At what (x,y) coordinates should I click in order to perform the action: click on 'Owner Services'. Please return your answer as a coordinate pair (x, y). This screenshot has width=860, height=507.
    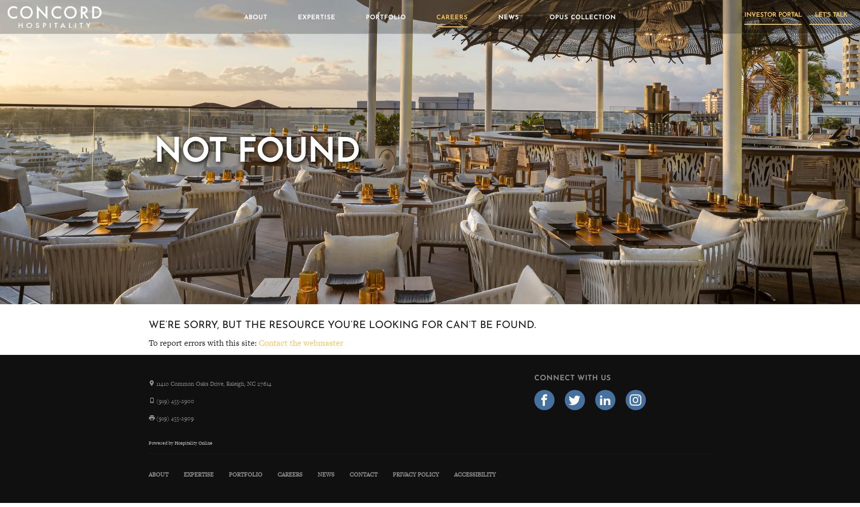
    Looking at the image, I should click on (142, 99).